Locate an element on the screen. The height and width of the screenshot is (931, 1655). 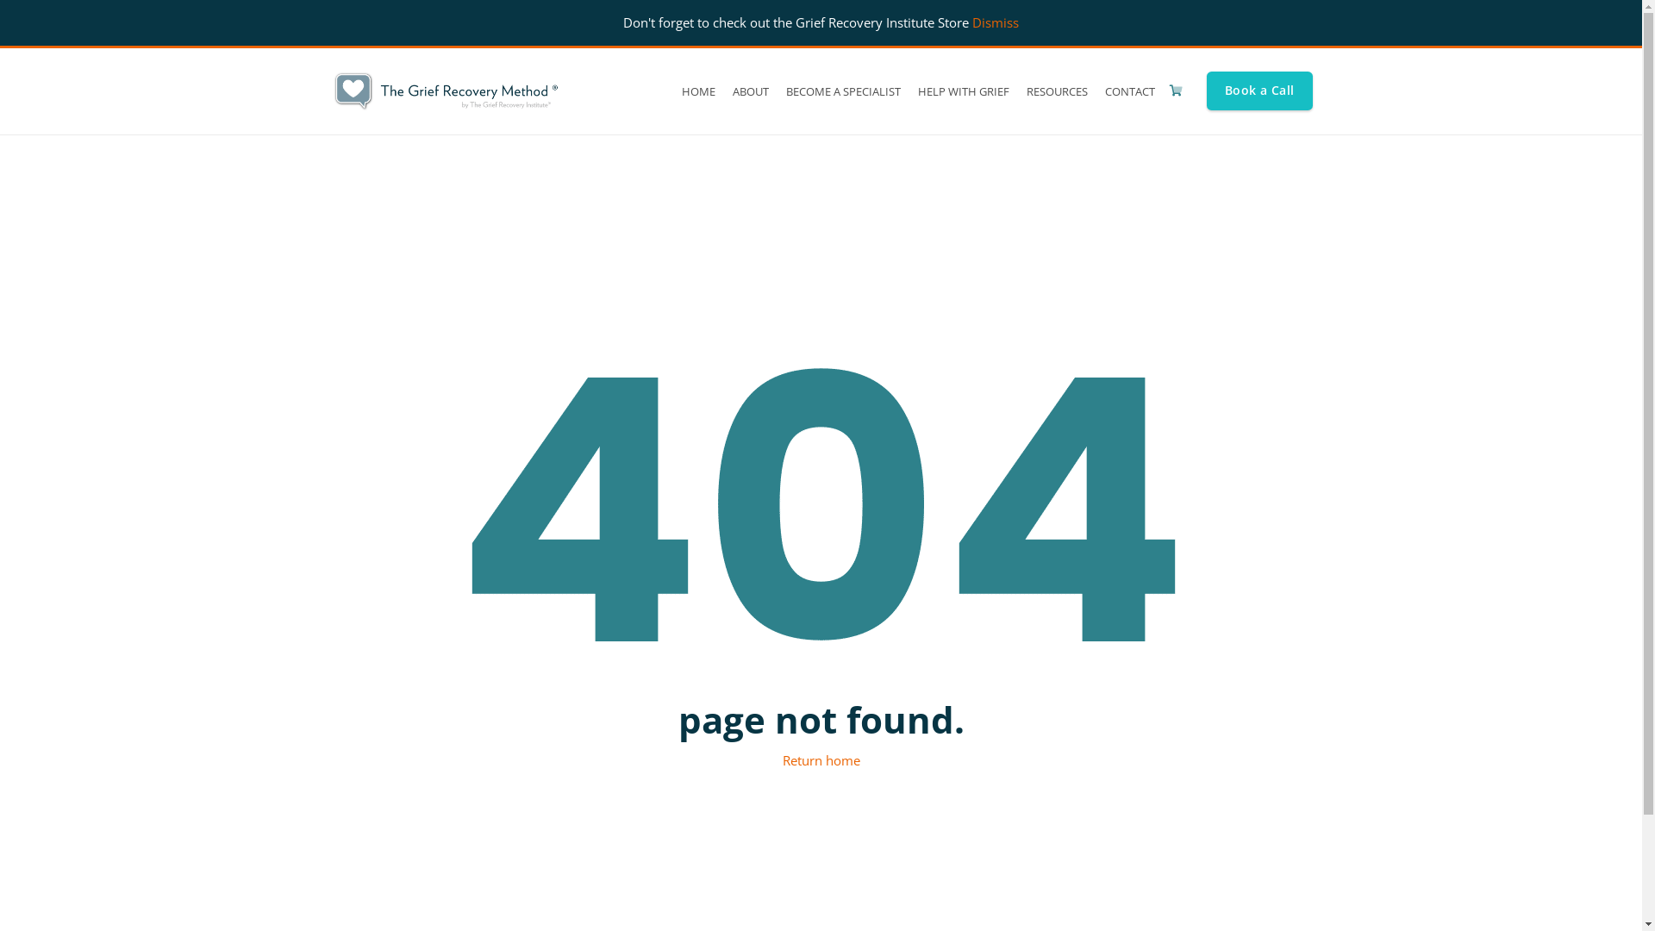
'HOME' is located at coordinates (672, 91).